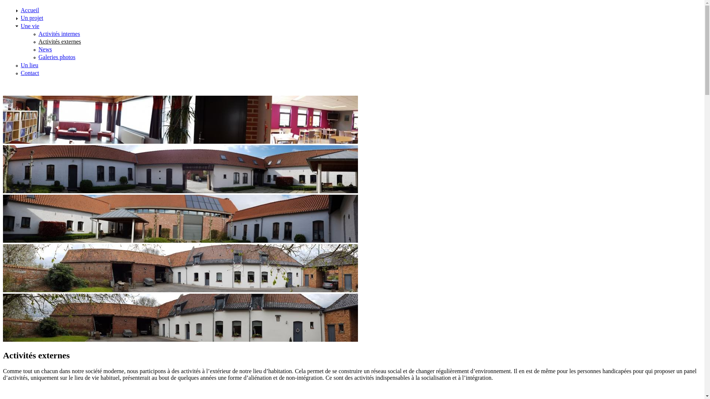 Image resolution: width=710 pixels, height=399 pixels. What do you see at coordinates (31, 17) in the screenshot?
I see `'Un projet'` at bounding box center [31, 17].